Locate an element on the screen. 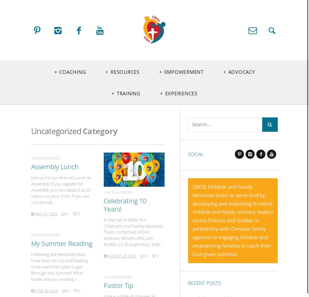 This screenshot has width=309, height=297. 'CBOQ Children and Family Ministries exists to serve God by developing and mobilizing frontline children and family ministry leaders across Ontario and Quebec in partnership with Christian family agencies in engaging children and empowering families to reach their God-given potential.' is located at coordinates (233, 220).